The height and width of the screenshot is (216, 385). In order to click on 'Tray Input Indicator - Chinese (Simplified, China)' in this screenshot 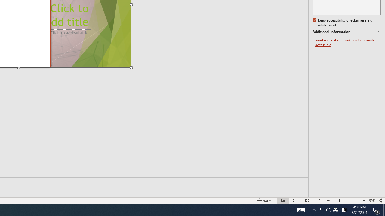, I will do `click(344, 209)`.